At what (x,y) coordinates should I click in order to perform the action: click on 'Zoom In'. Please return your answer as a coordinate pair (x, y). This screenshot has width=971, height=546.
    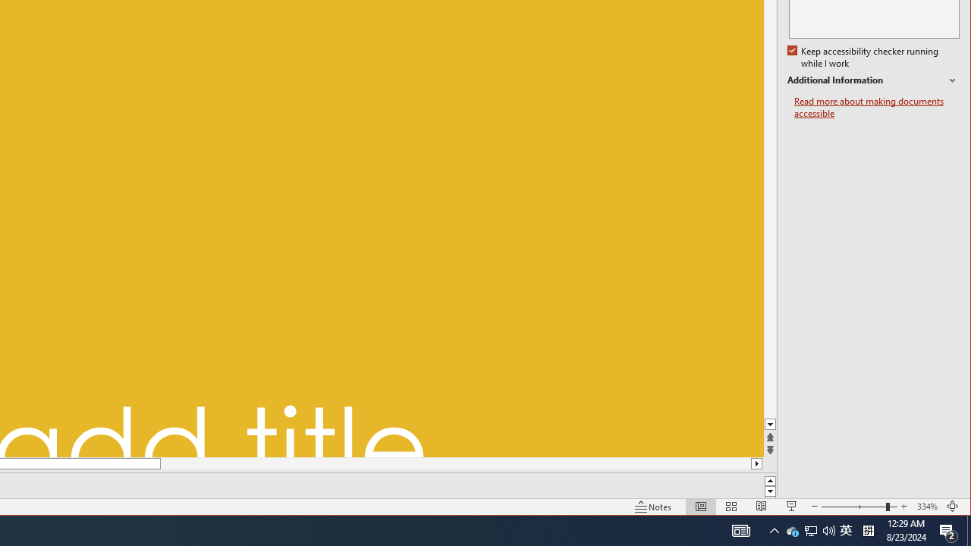
    Looking at the image, I should click on (903, 507).